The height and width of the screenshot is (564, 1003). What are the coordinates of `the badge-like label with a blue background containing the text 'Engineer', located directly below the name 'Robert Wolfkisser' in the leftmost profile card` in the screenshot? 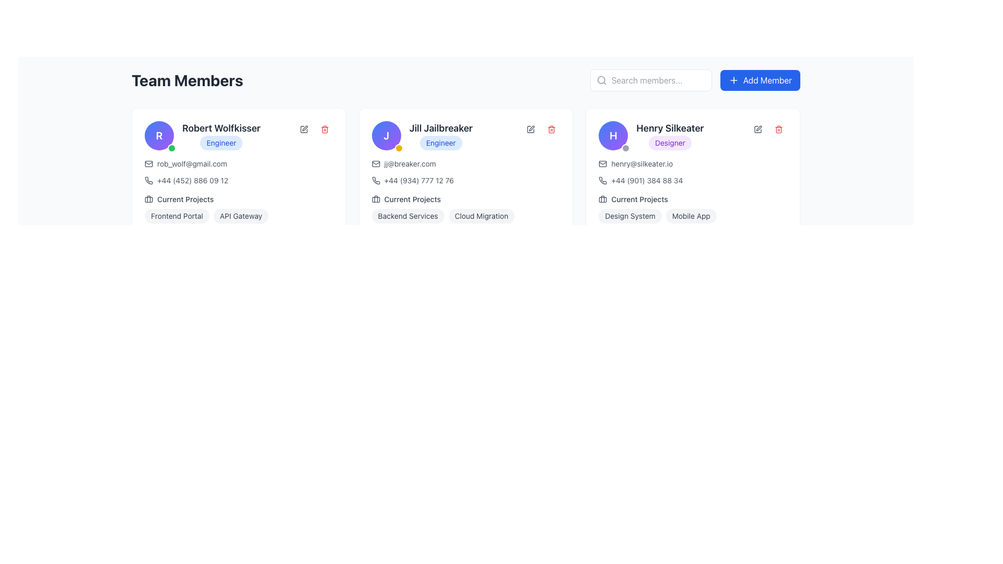 It's located at (220, 143).